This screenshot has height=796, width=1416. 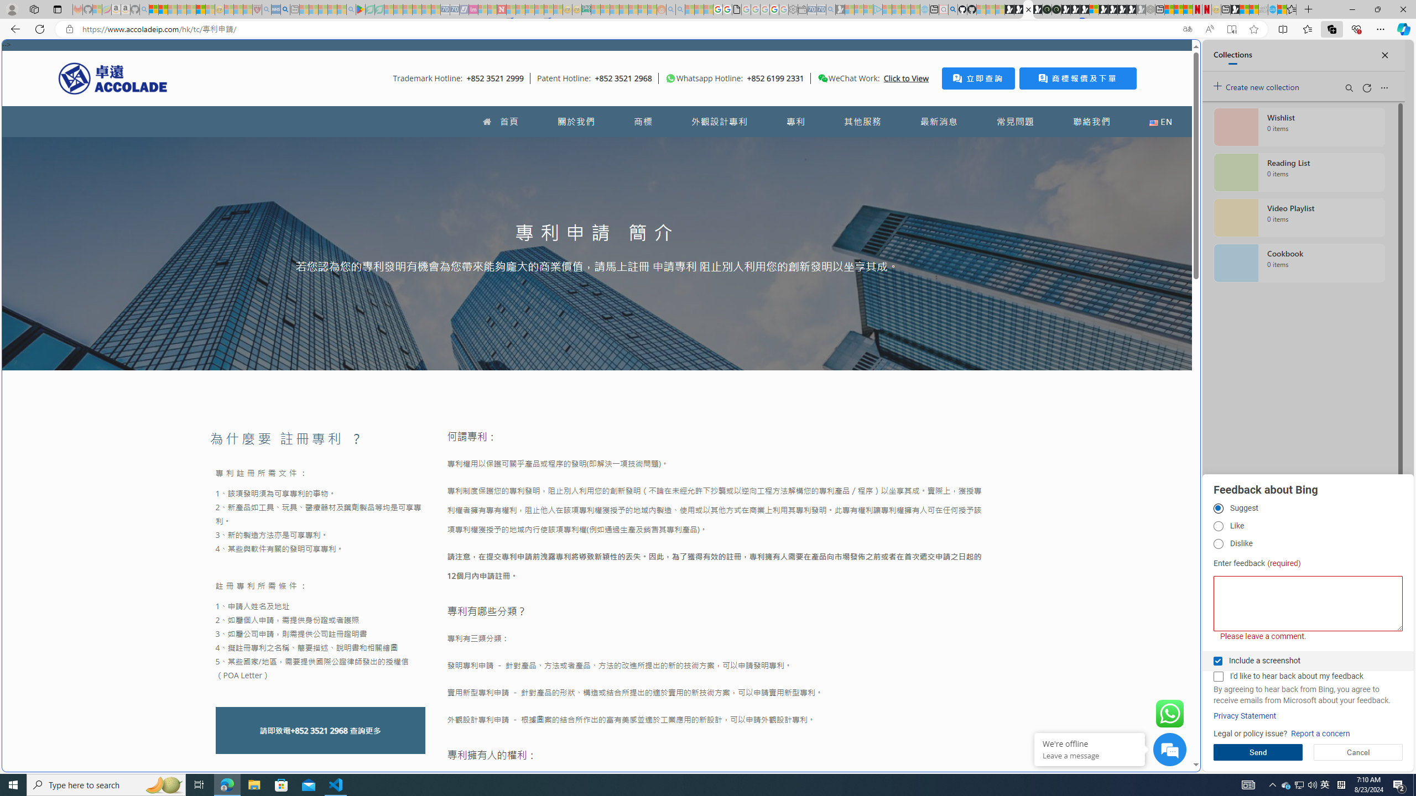 I want to click on 'Suggest', so click(x=1217, y=508).